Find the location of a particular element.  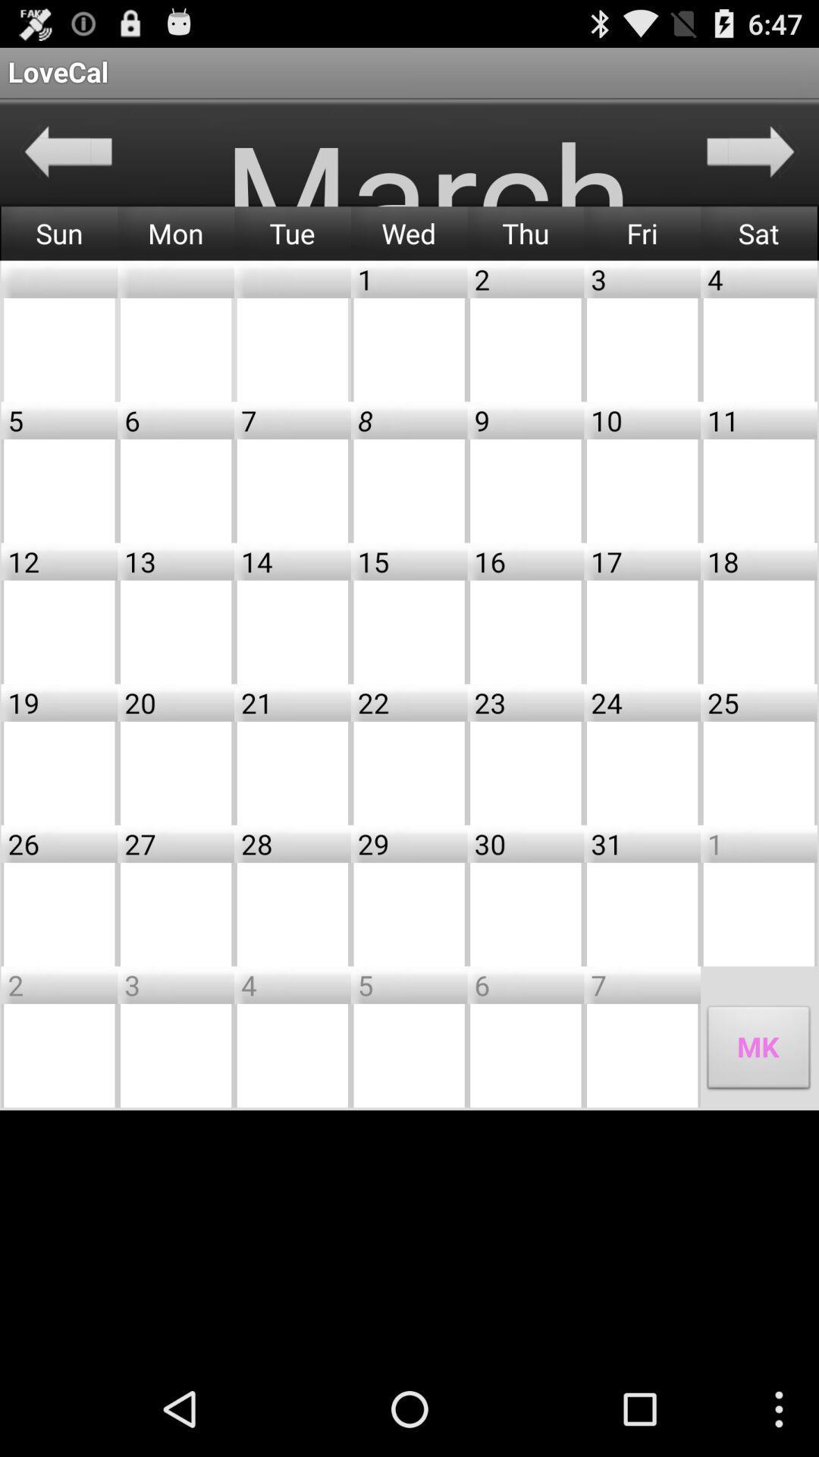

the arrow_forward icon is located at coordinates (751, 162).